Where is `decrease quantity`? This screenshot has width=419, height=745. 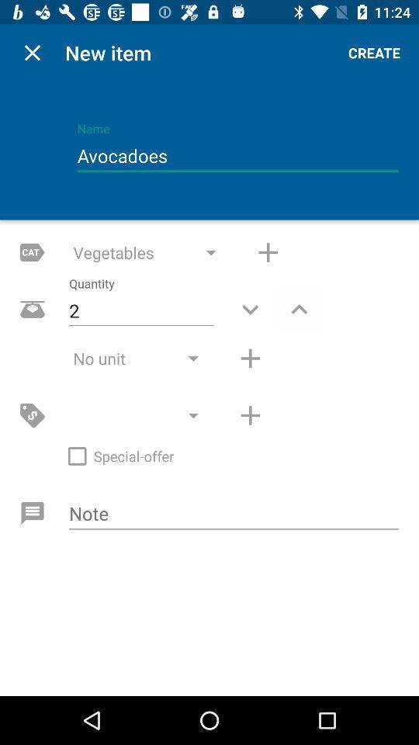
decrease quantity is located at coordinates (250, 308).